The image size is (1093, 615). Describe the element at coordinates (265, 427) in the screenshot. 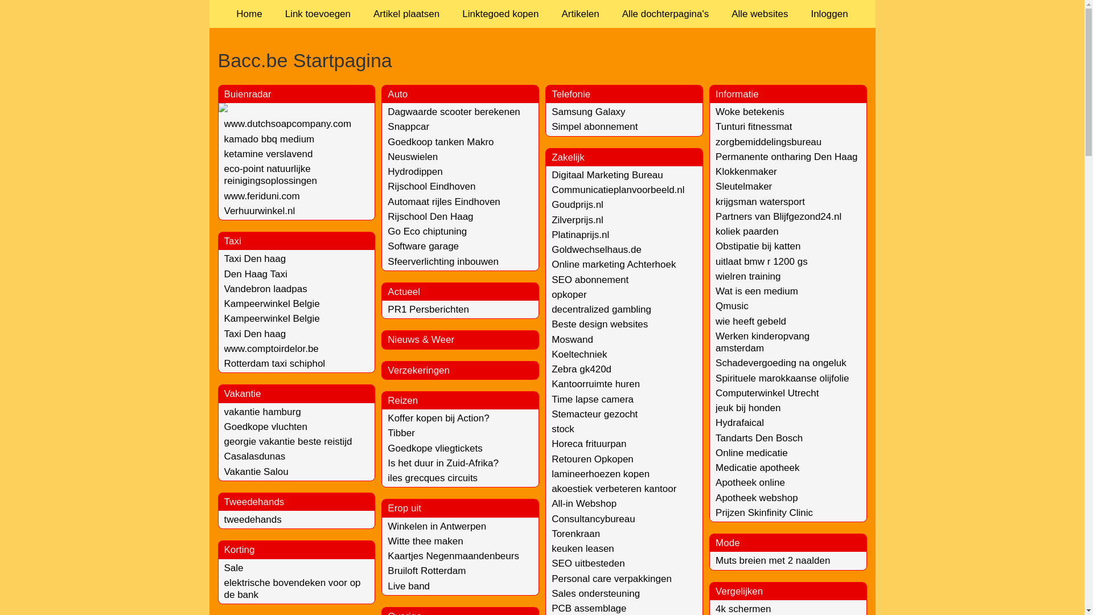

I see `'Goedkope vluchten'` at that location.